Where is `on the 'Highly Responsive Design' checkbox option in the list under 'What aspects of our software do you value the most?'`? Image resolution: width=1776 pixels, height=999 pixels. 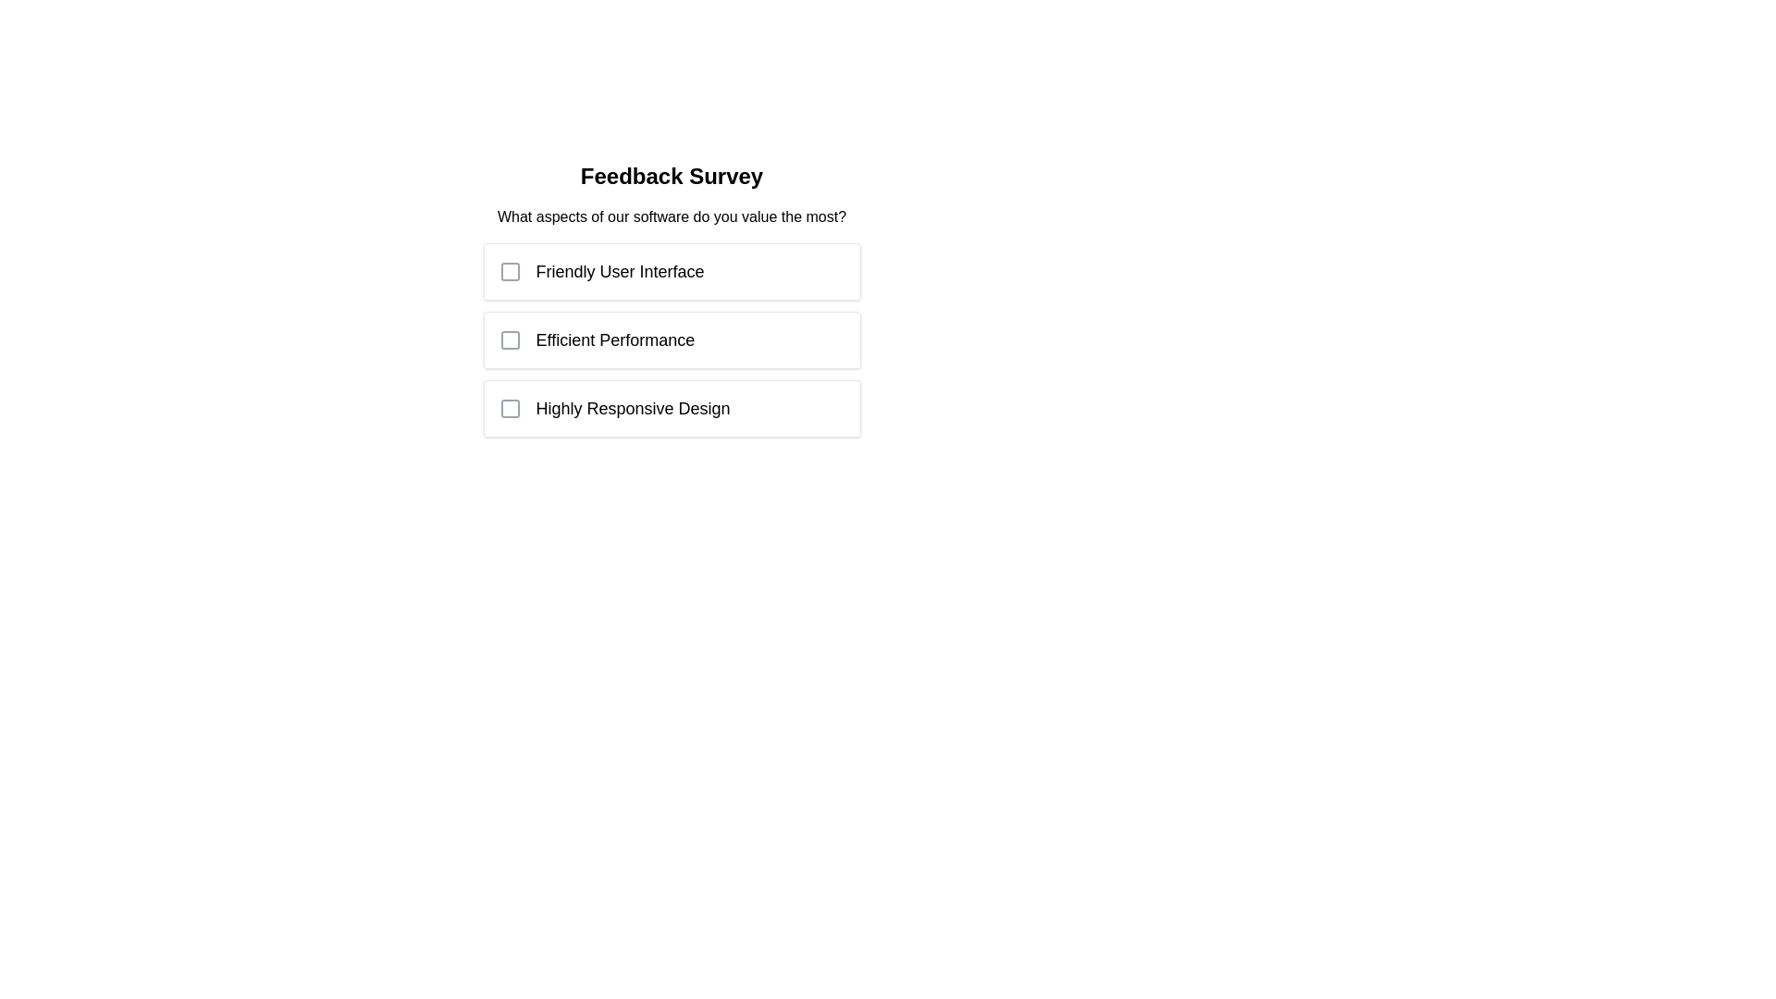 on the 'Highly Responsive Design' checkbox option in the list under 'What aspects of our software do you value the most?' is located at coordinates (671, 408).